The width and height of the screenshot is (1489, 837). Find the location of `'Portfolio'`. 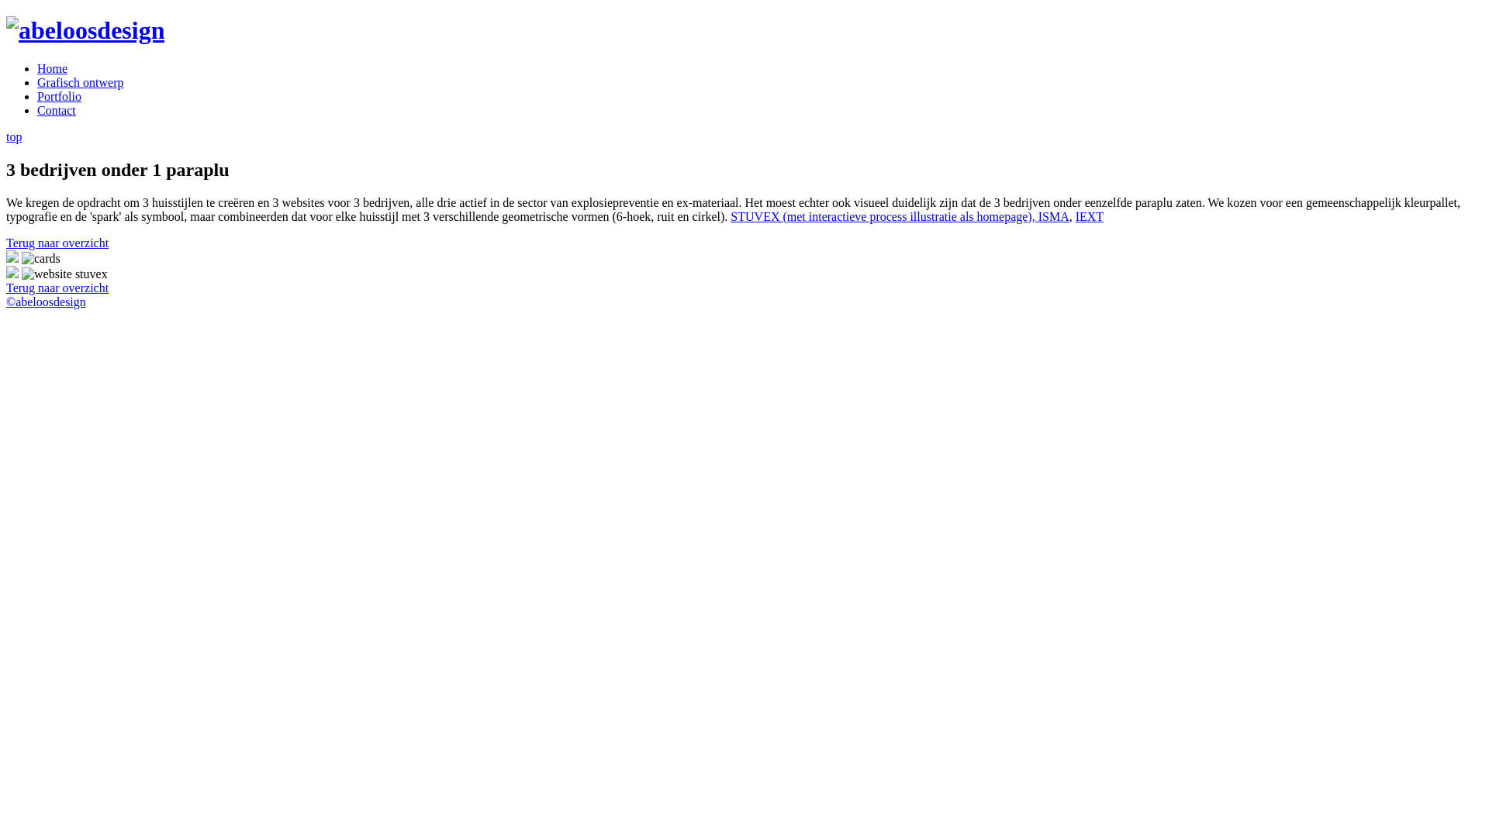

'Portfolio' is located at coordinates (59, 96).